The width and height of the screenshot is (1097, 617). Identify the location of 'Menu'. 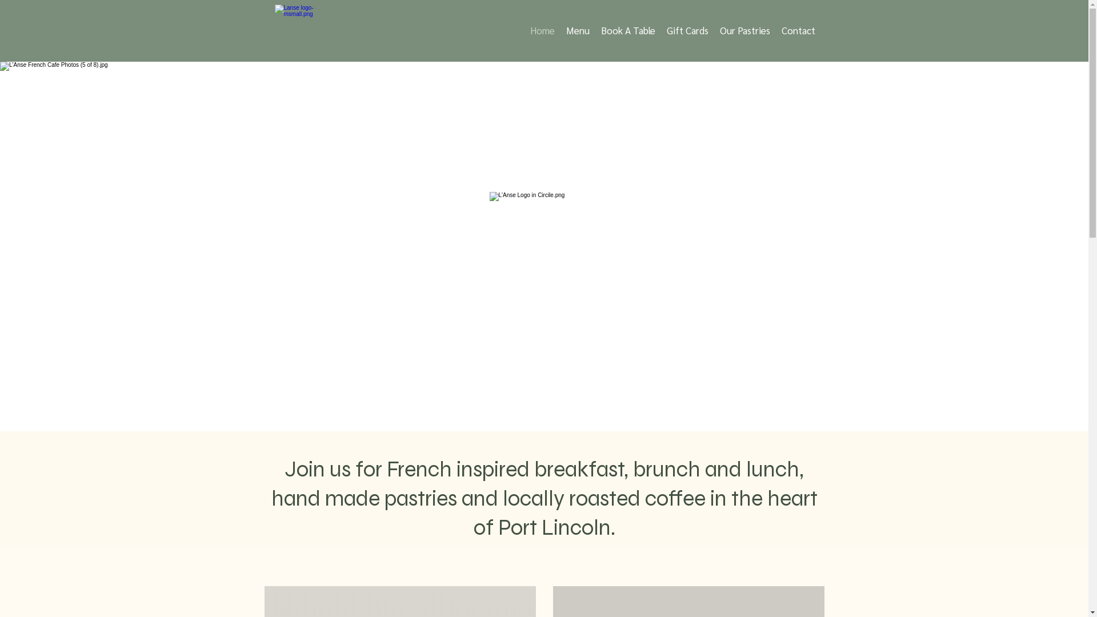
(577, 30).